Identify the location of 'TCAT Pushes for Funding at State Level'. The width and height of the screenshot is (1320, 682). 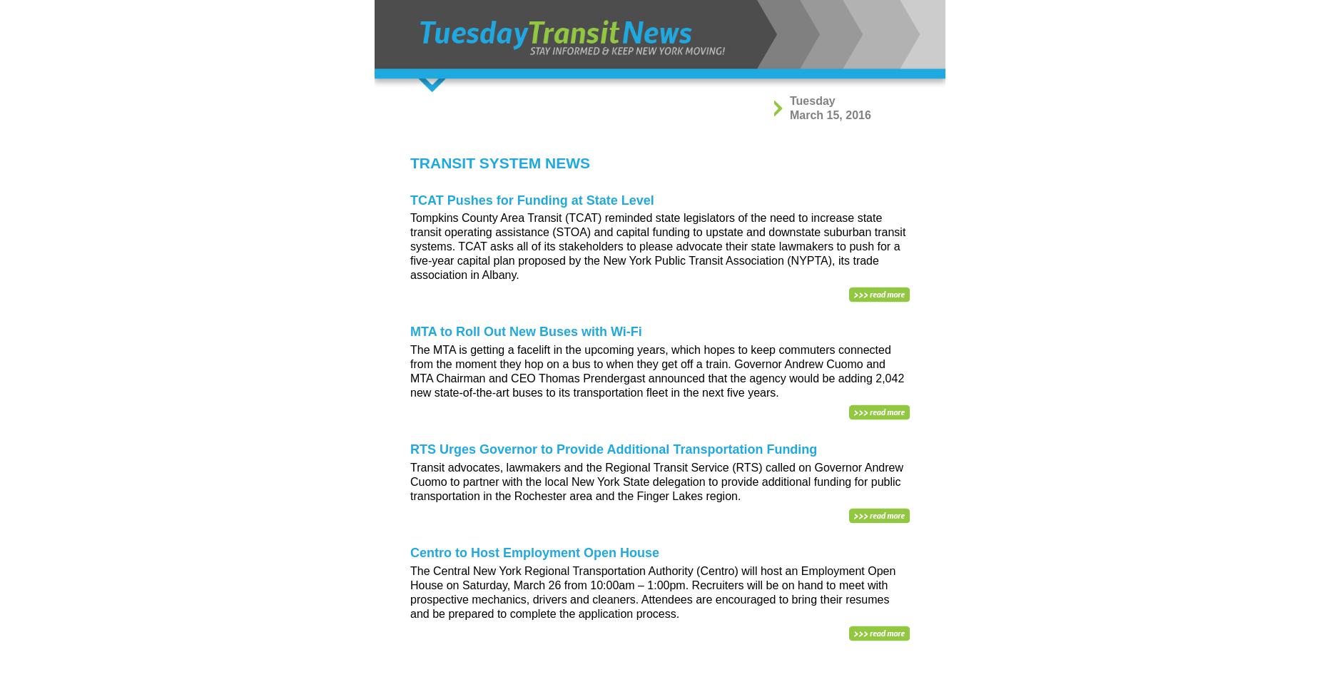
(532, 199).